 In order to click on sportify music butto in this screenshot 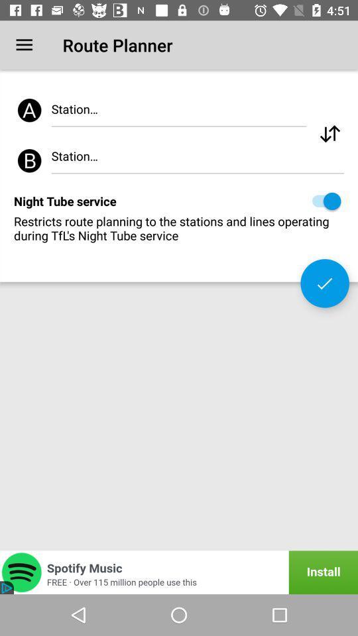, I will do `click(179, 572)`.